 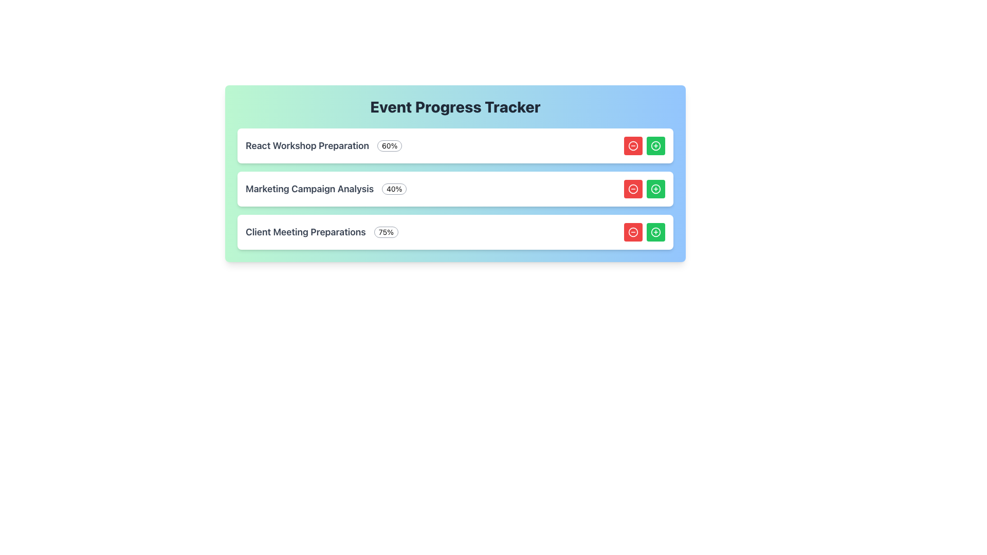 What do you see at coordinates (386, 232) in the screenshot?
I see `the label displaying '75%' which is positioned to the right of 'Client Meeting Preparations' in a rounded rectangular shape` at bounding box center [386, 232].